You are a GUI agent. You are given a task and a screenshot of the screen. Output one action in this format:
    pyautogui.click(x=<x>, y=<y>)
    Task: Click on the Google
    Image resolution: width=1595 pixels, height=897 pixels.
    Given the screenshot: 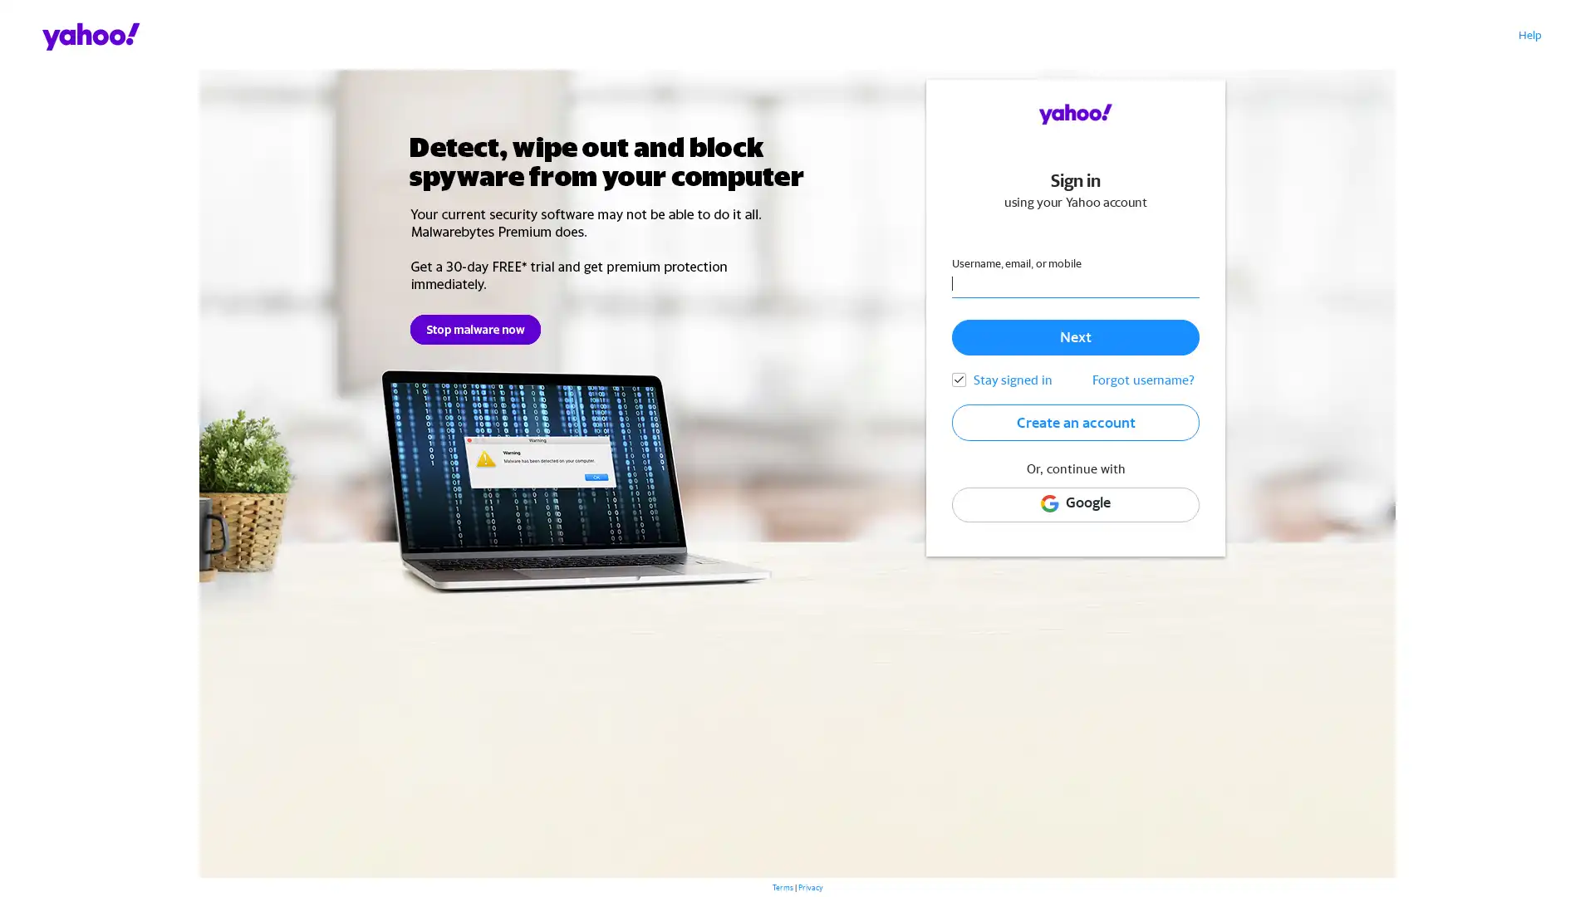 What is the action you would take?
    pyautogui.click(x=1075, y=503)
    